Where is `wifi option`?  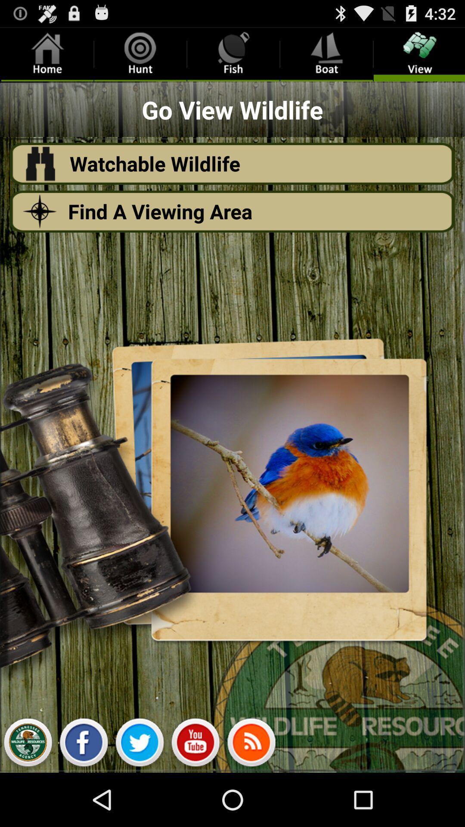 wifi option is located at coordinates (251, 744).